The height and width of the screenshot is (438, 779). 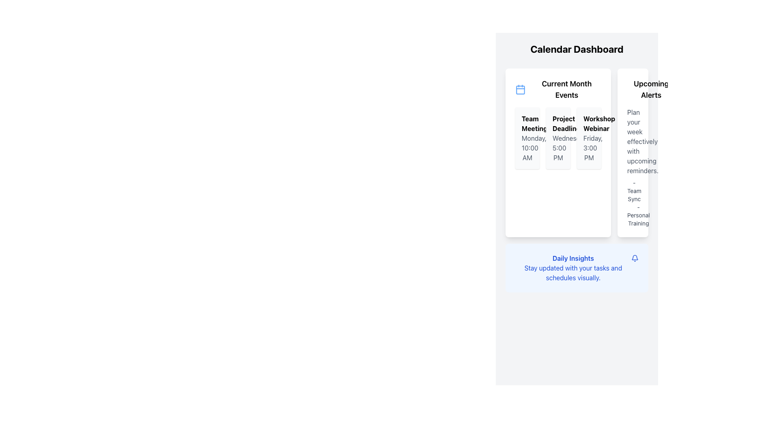 What do you see at coordinates (520, 90) in the screenshot?
I see `the inner squared area of the calendar icon located in the top-left corner of the 'Current Month Events' section` at bounding box center [520, 90].